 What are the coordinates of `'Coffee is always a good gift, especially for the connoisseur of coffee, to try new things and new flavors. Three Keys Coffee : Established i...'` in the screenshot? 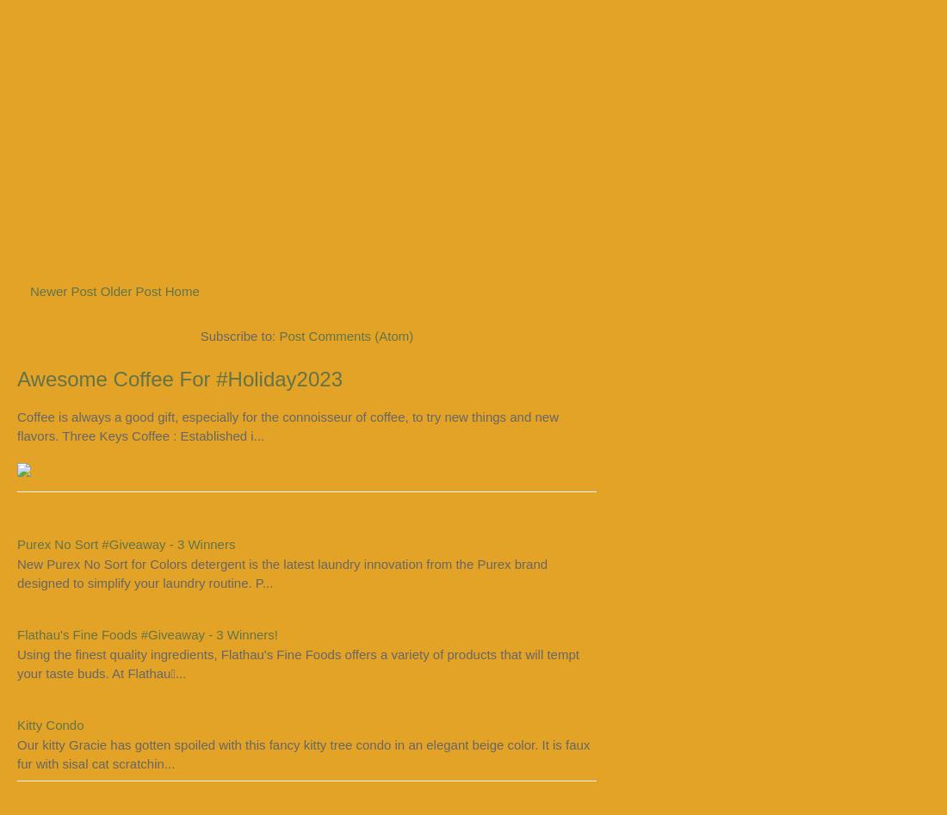 It's located at (286, 424).